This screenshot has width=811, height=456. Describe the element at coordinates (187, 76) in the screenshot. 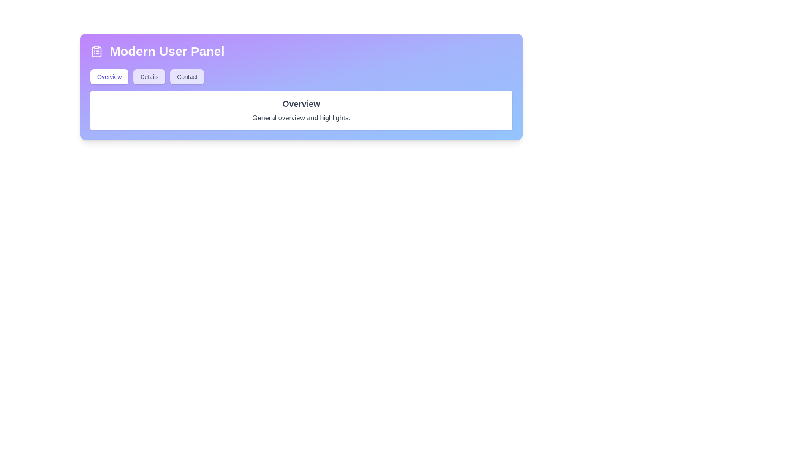

I see `the 'Contact' button, which is a rectangular button with rounded edges and slightly darker text, positioned as the third button in a horizontal row at the top left of the interface` at that location.